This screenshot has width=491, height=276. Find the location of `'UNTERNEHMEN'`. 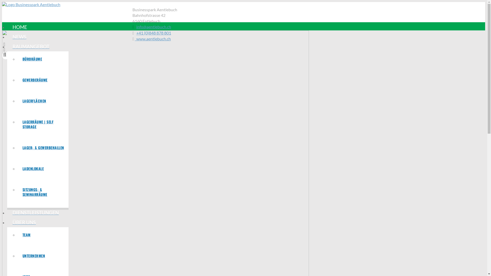

'UNTERNEHMEN' is located at coordinates (43, 258).